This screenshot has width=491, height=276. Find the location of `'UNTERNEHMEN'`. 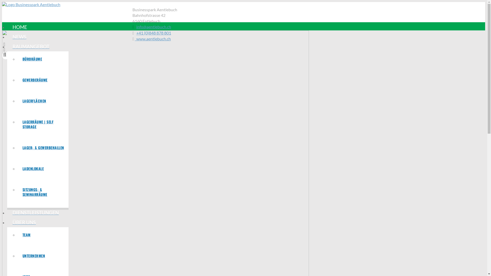

'UNTERNEHMEN' is located at coordinates (43, 258).